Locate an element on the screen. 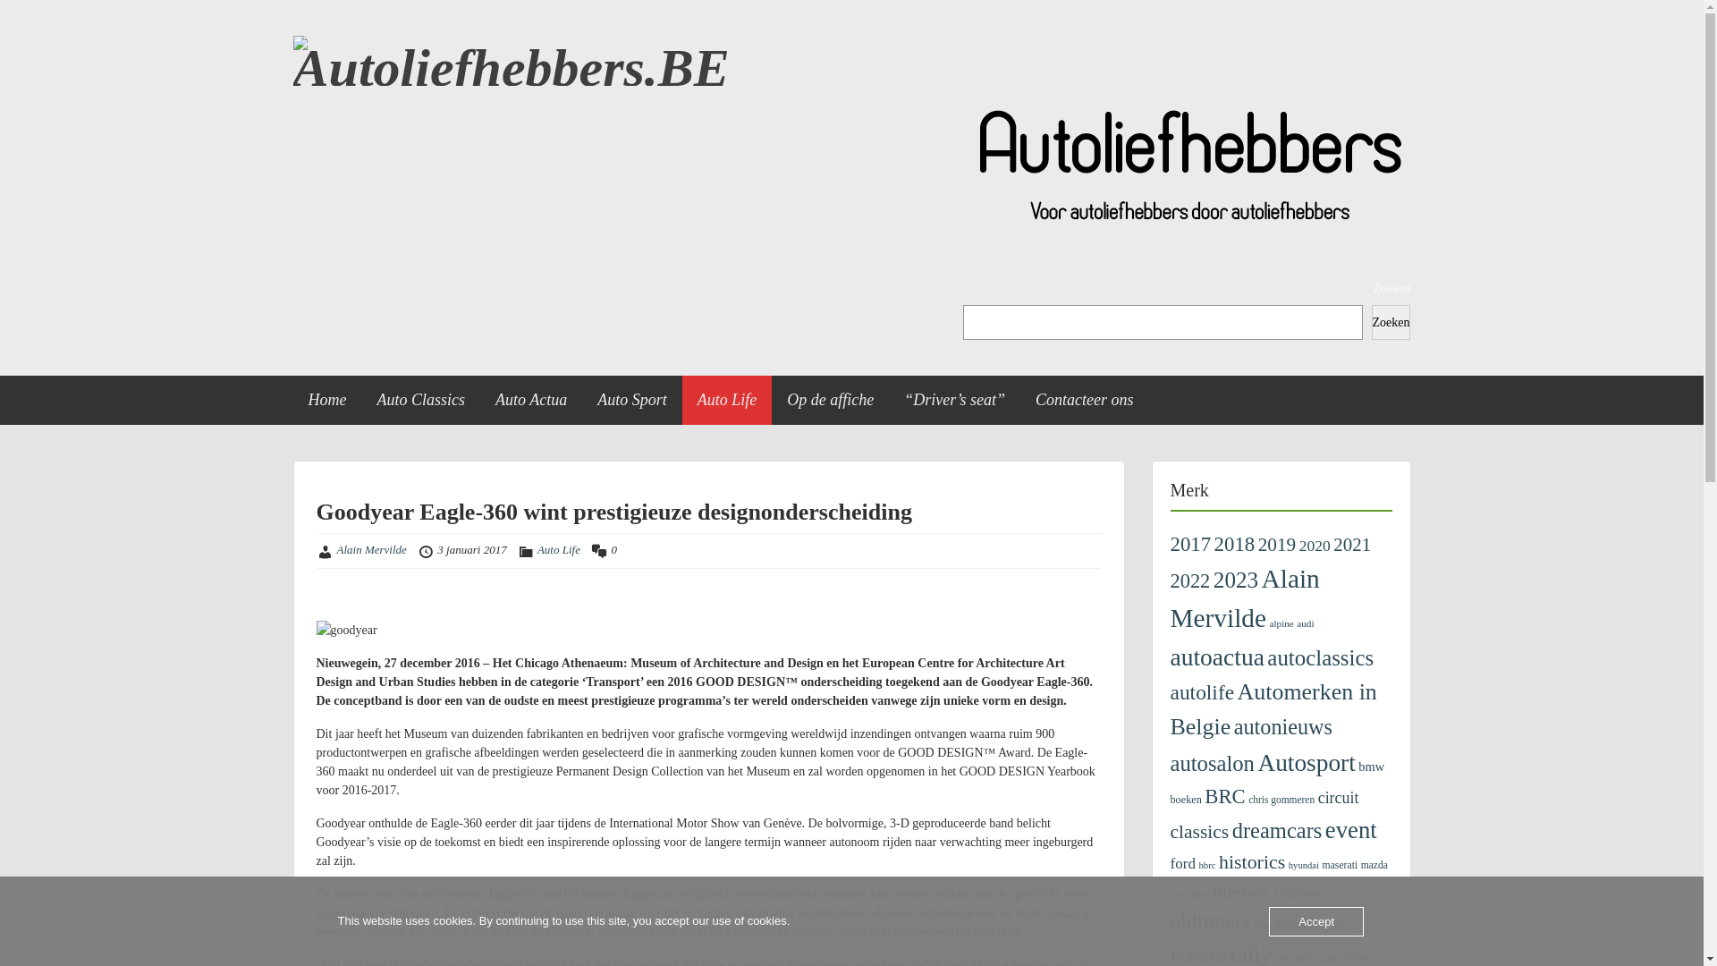 This screenshot has height=966, width=1717. 'mazda' is located at coordinates (1373, 864).